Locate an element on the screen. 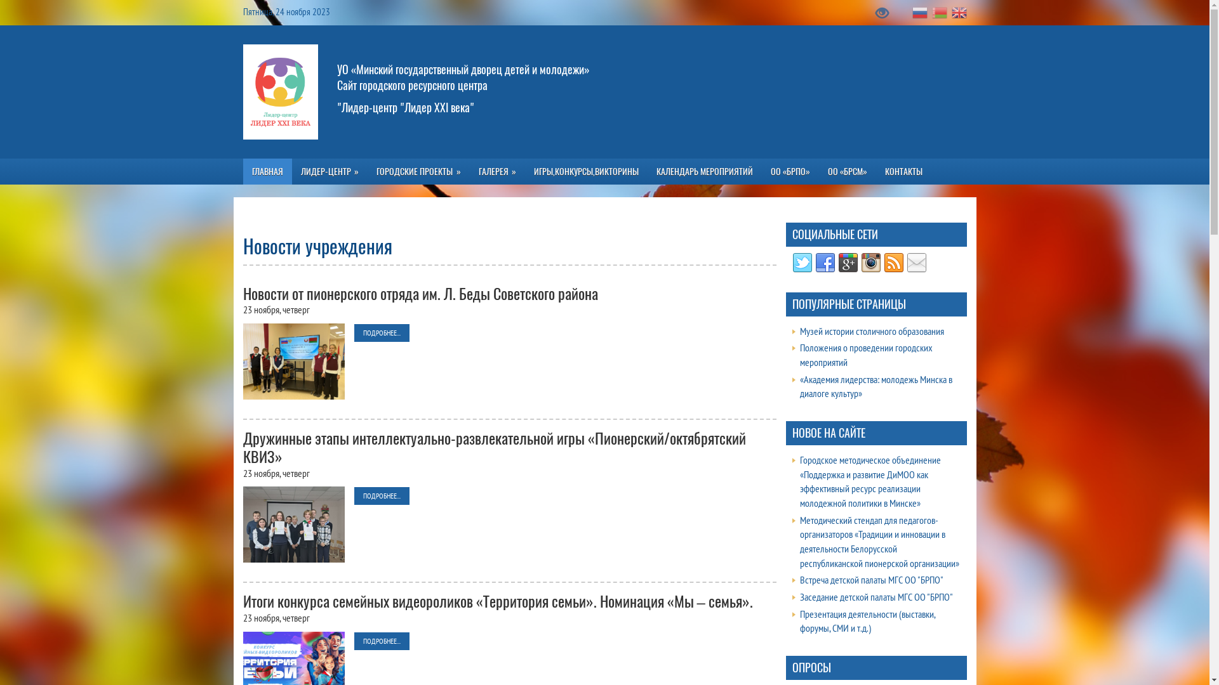 This screenshot has width=1219, height=685. 'Email' is located at coordinates (917, 261).